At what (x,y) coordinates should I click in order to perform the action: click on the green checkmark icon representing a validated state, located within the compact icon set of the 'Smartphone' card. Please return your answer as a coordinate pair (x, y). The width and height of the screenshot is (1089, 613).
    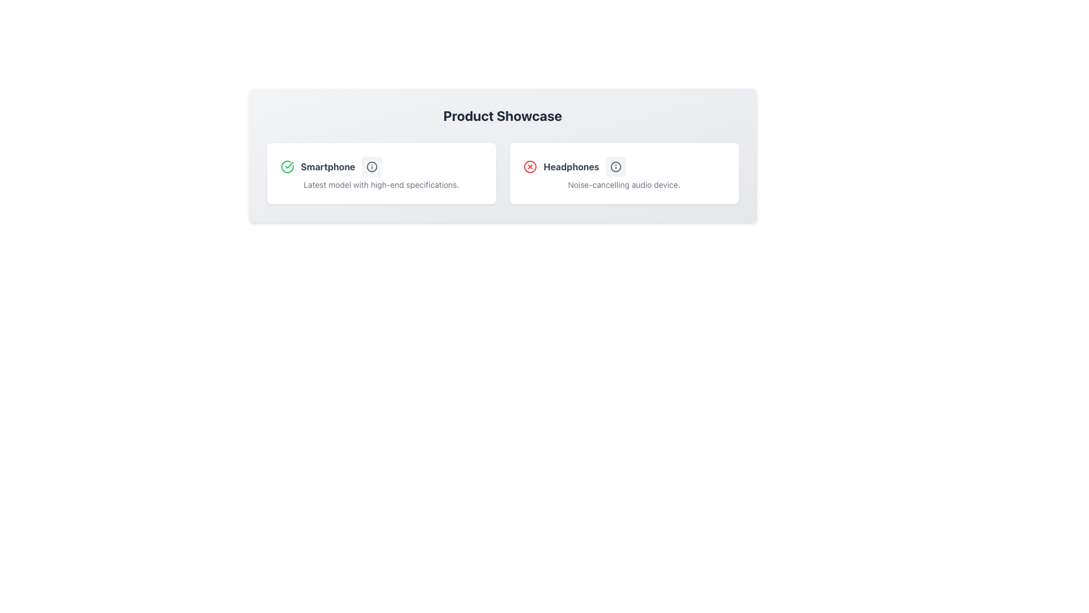
    Looking at the image, I should click on (289, 165).